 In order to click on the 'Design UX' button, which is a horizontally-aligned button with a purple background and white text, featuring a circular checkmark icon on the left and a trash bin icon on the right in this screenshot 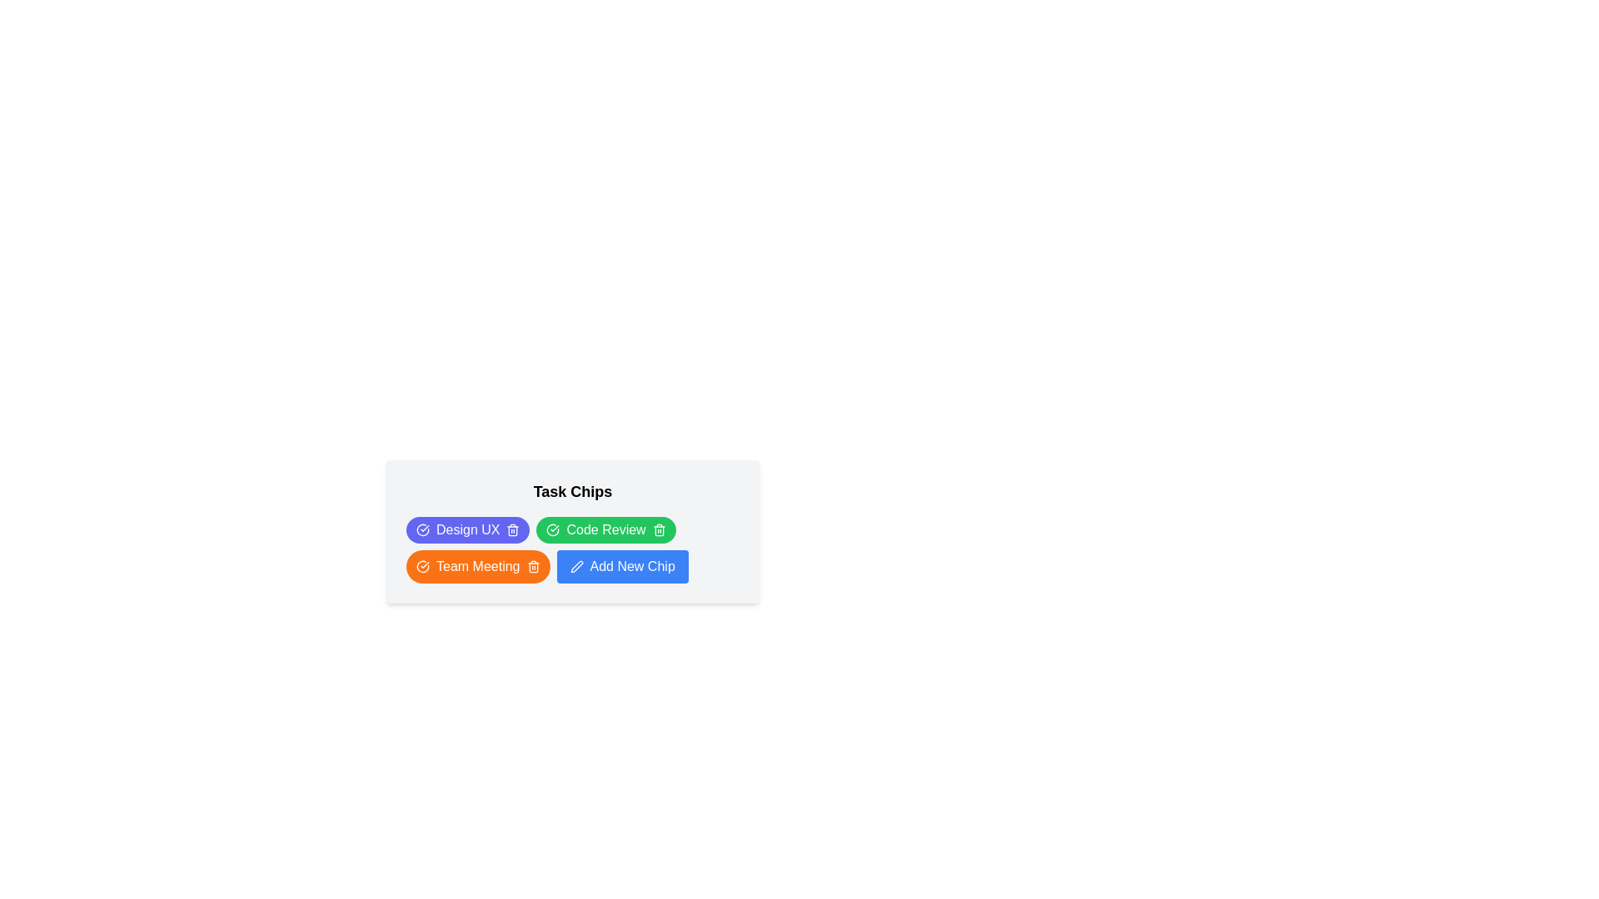, I will do `click(467, 529)`.